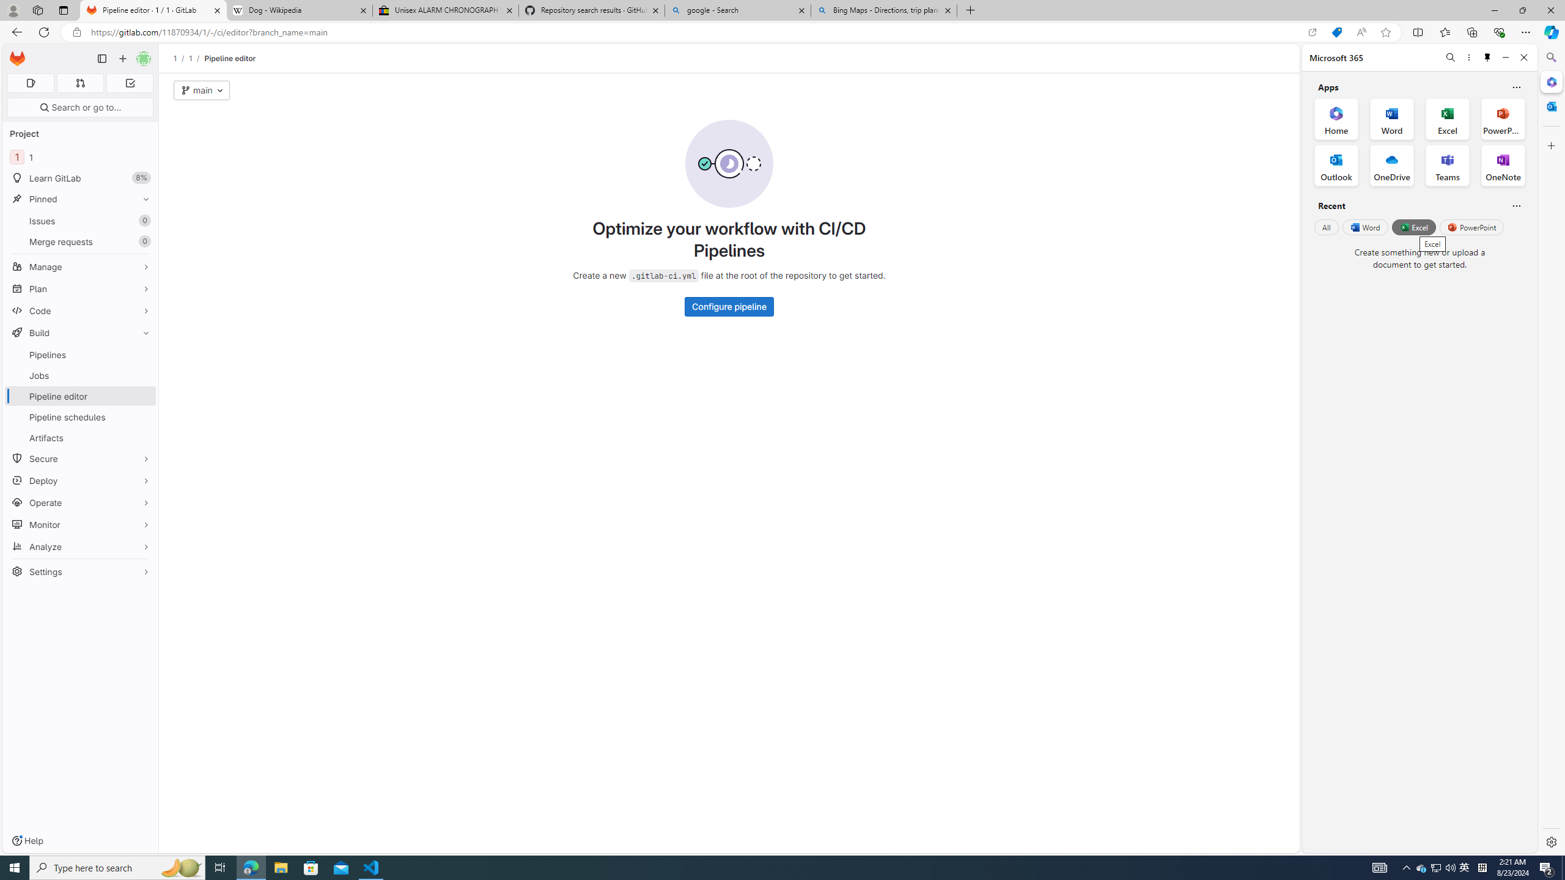  Describe the element at coordinates (1515, 205) in the screenshot. I see `'Is this helpful?'` at that location.